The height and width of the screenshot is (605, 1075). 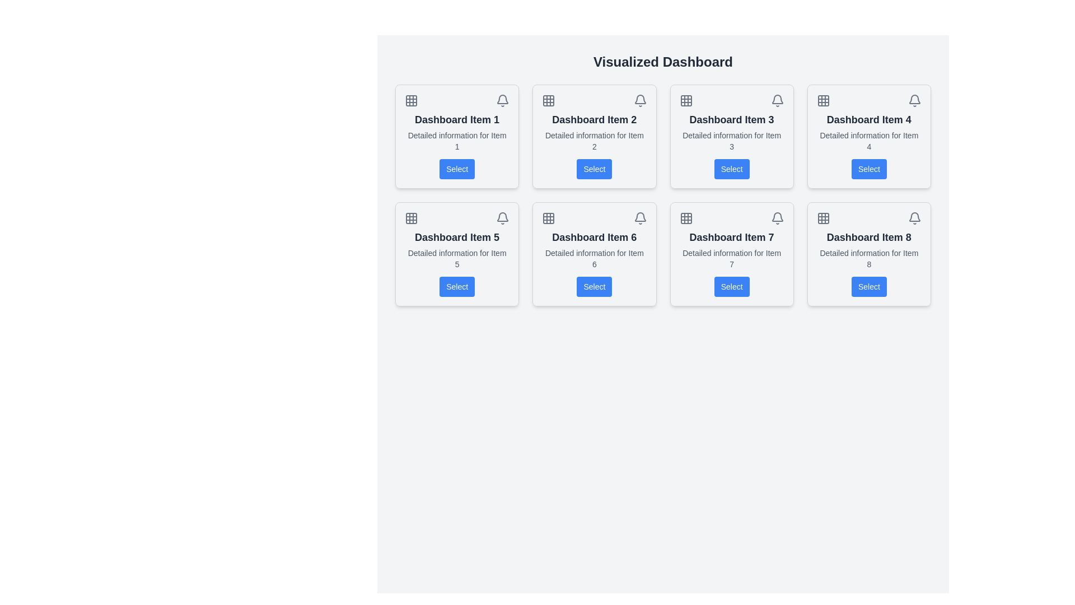 I want to click on the main title text label for 'Dashboard Item 6' located in the second column of the second row of the card layout, so click(x=593, y=237).